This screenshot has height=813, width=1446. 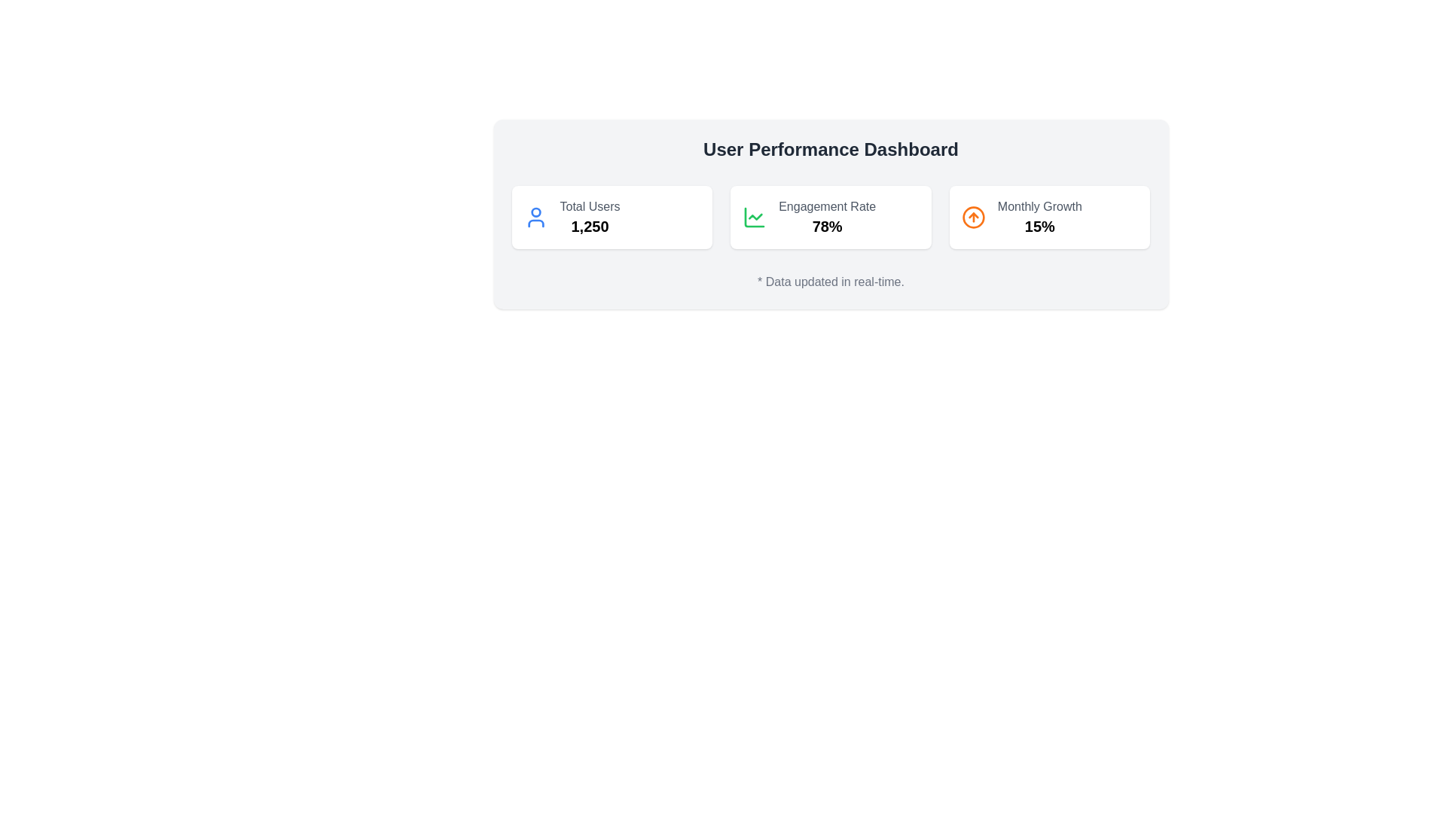 I want to click on Header Text located at the top of the card layout, which provides context and information about the displayed content, so click(x=830, y=150).